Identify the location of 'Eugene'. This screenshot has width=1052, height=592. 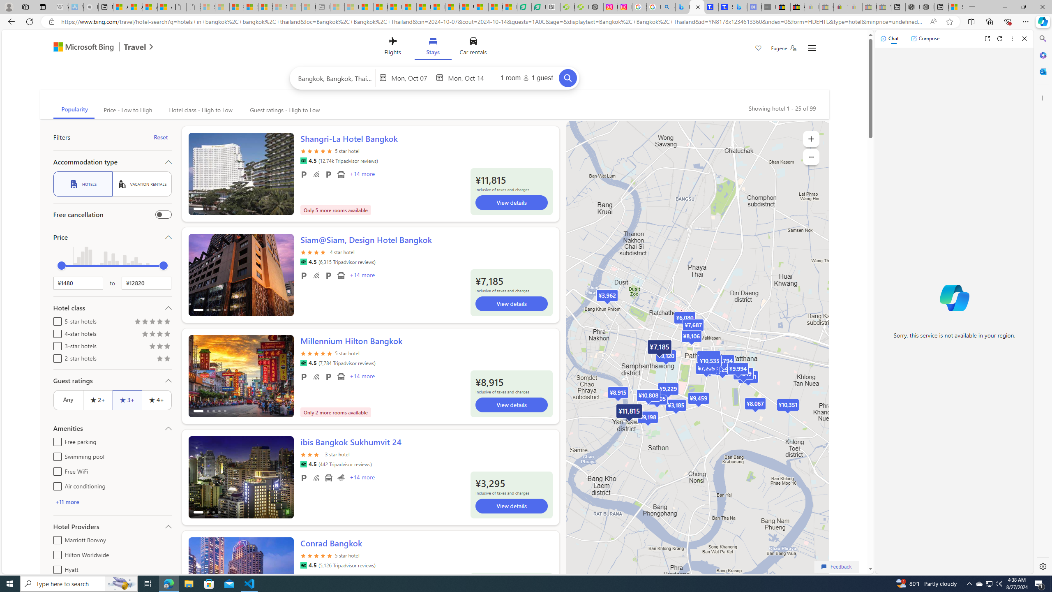
(784, 48).